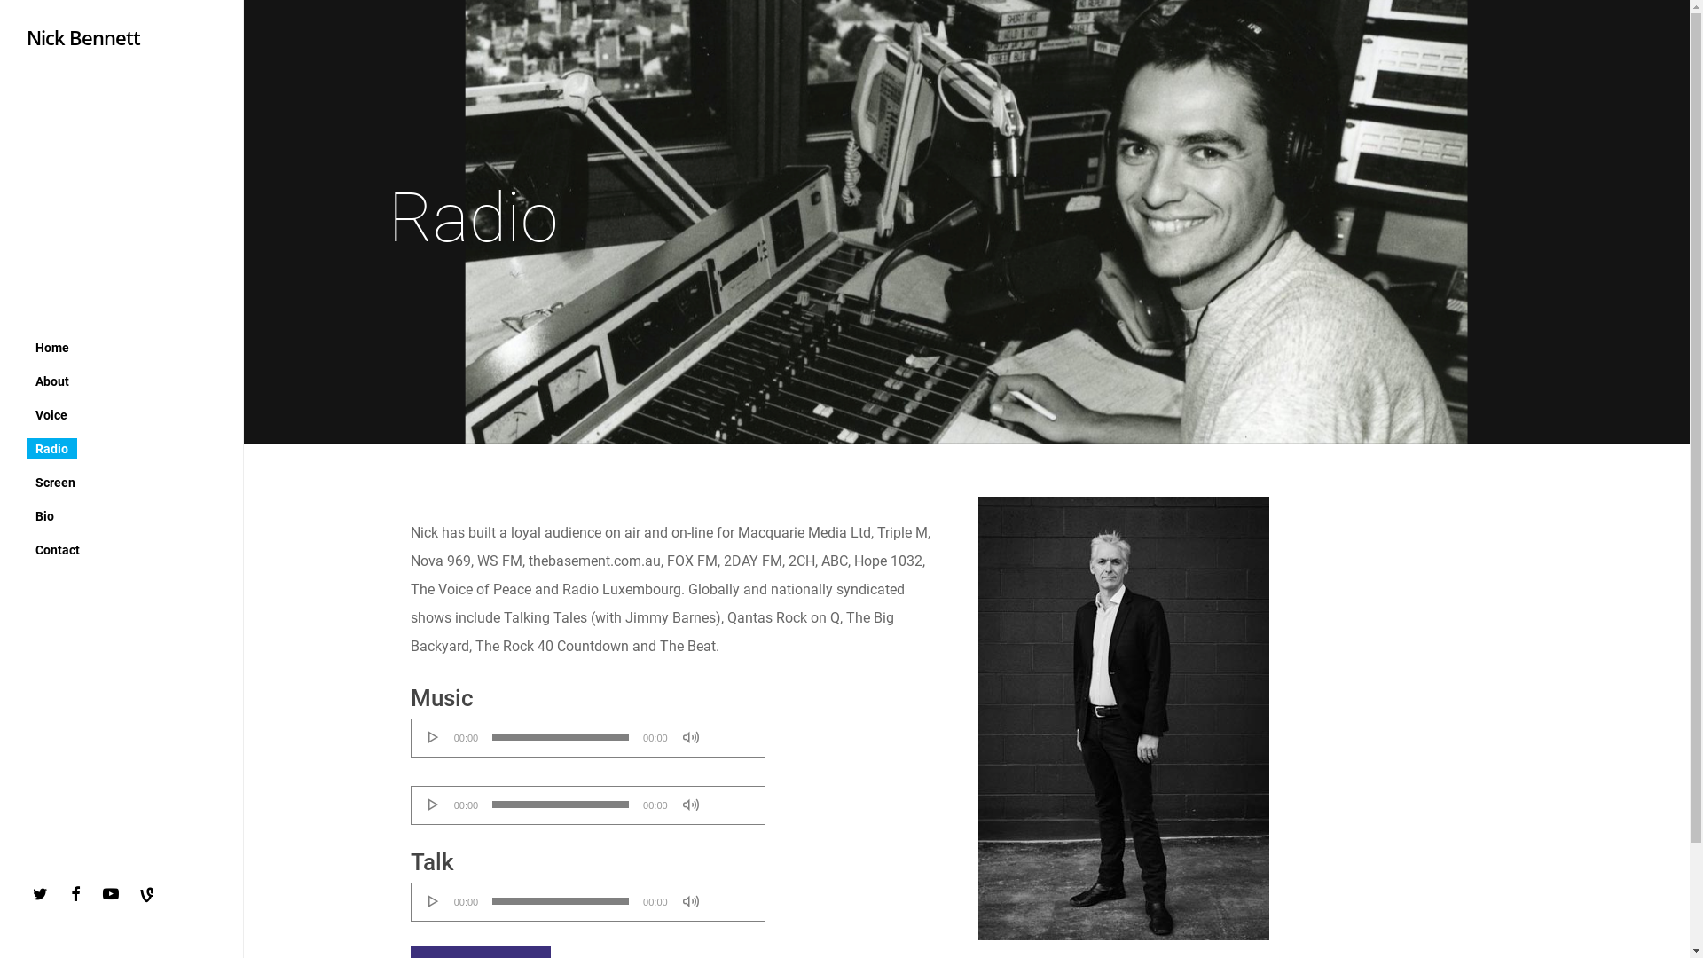  I want to click on 'About', so click(51, 379).